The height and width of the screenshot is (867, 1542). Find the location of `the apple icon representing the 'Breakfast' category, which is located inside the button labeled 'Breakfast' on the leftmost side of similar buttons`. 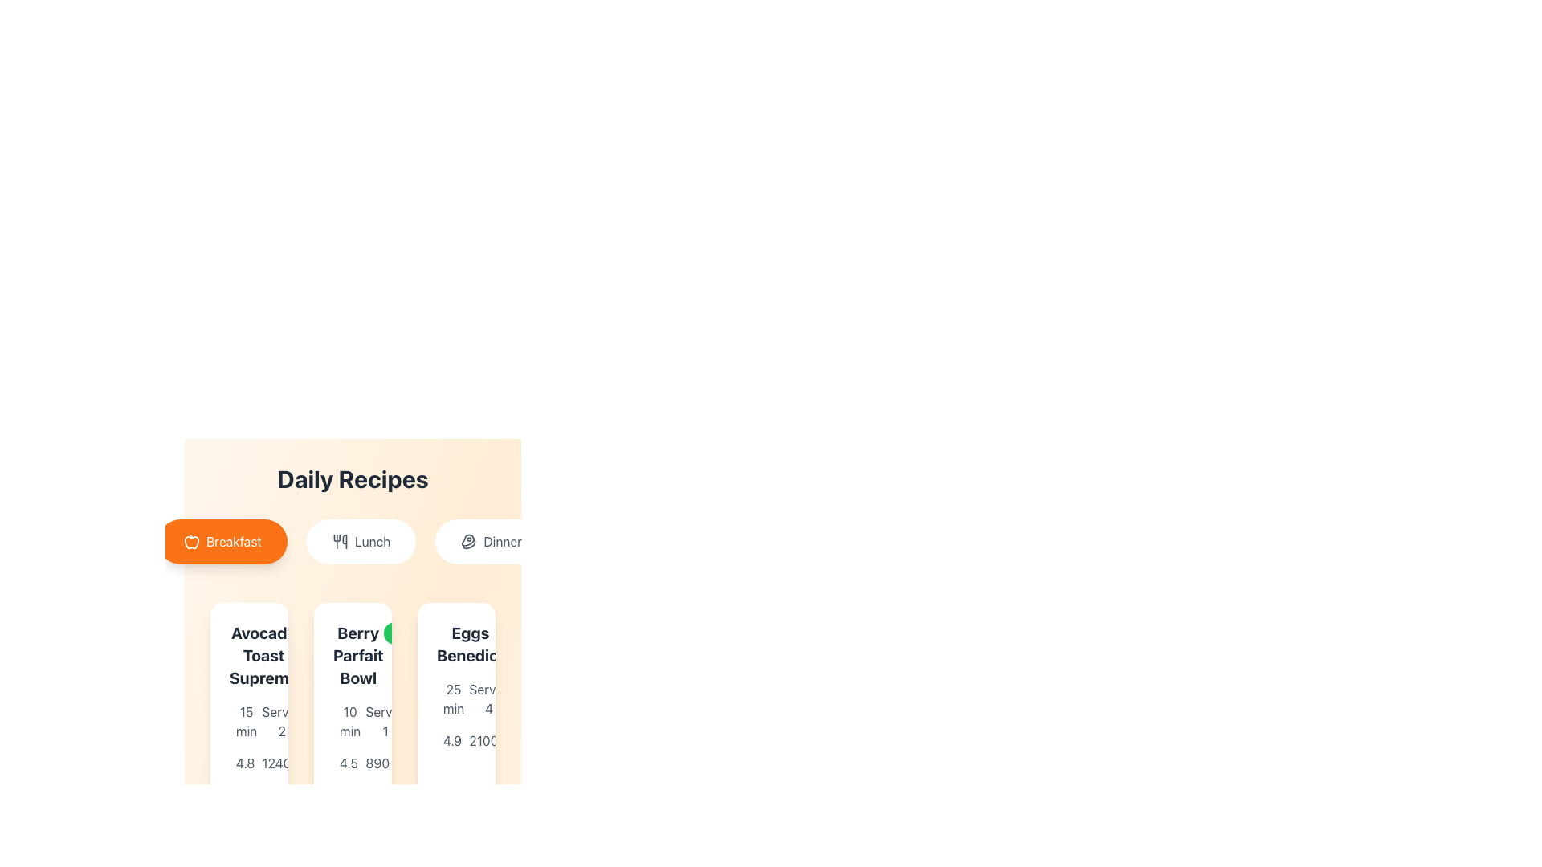

the apple icon representing the 'Breakfast' category, which is located inside the button labeled 'Breakfast' on the leftmost side of similar buttons is located at coordinates (192, 542).